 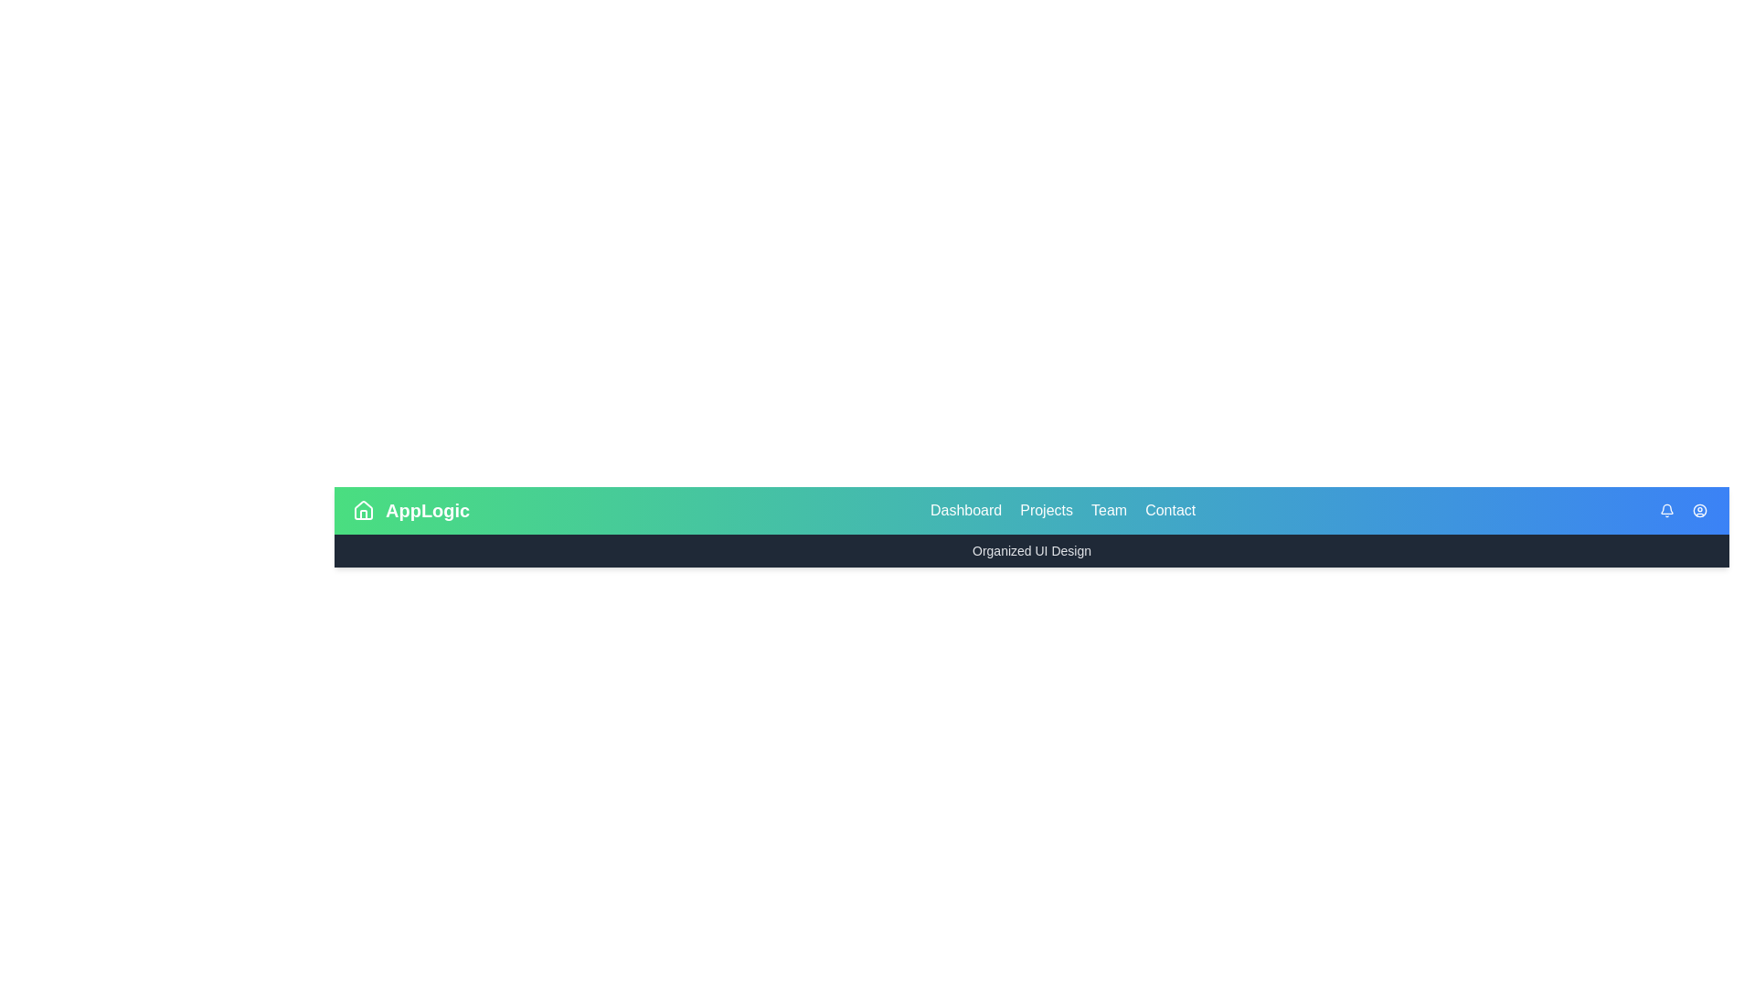 What do you see at coordinates (1170, 511) in the screenshot?
I see `the interactive element Contact to observe the visual response` at bounding box center [1170, 511].